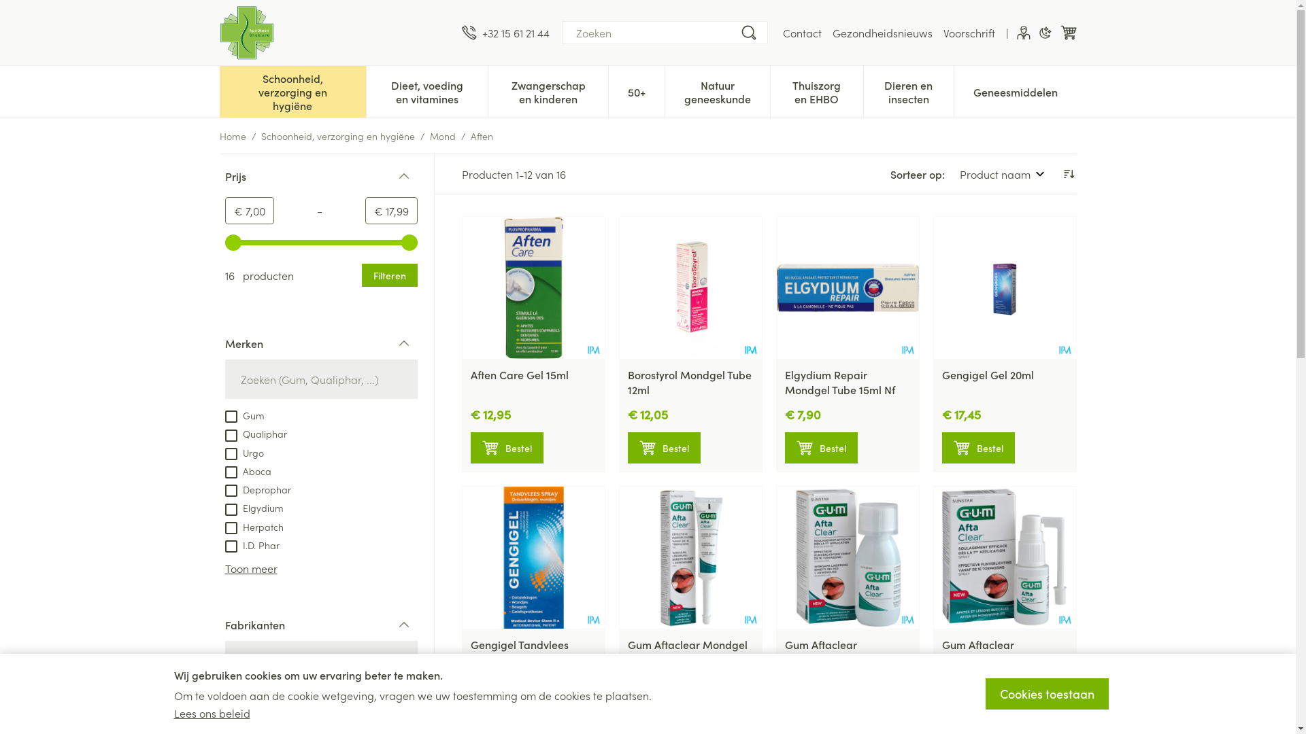 The height and width of the screenshot is (734, 1306). What do you see at coordinates (1022, 31) in the screenshot?
I see `'Klant menu'` at bounding box center [1022, 31].